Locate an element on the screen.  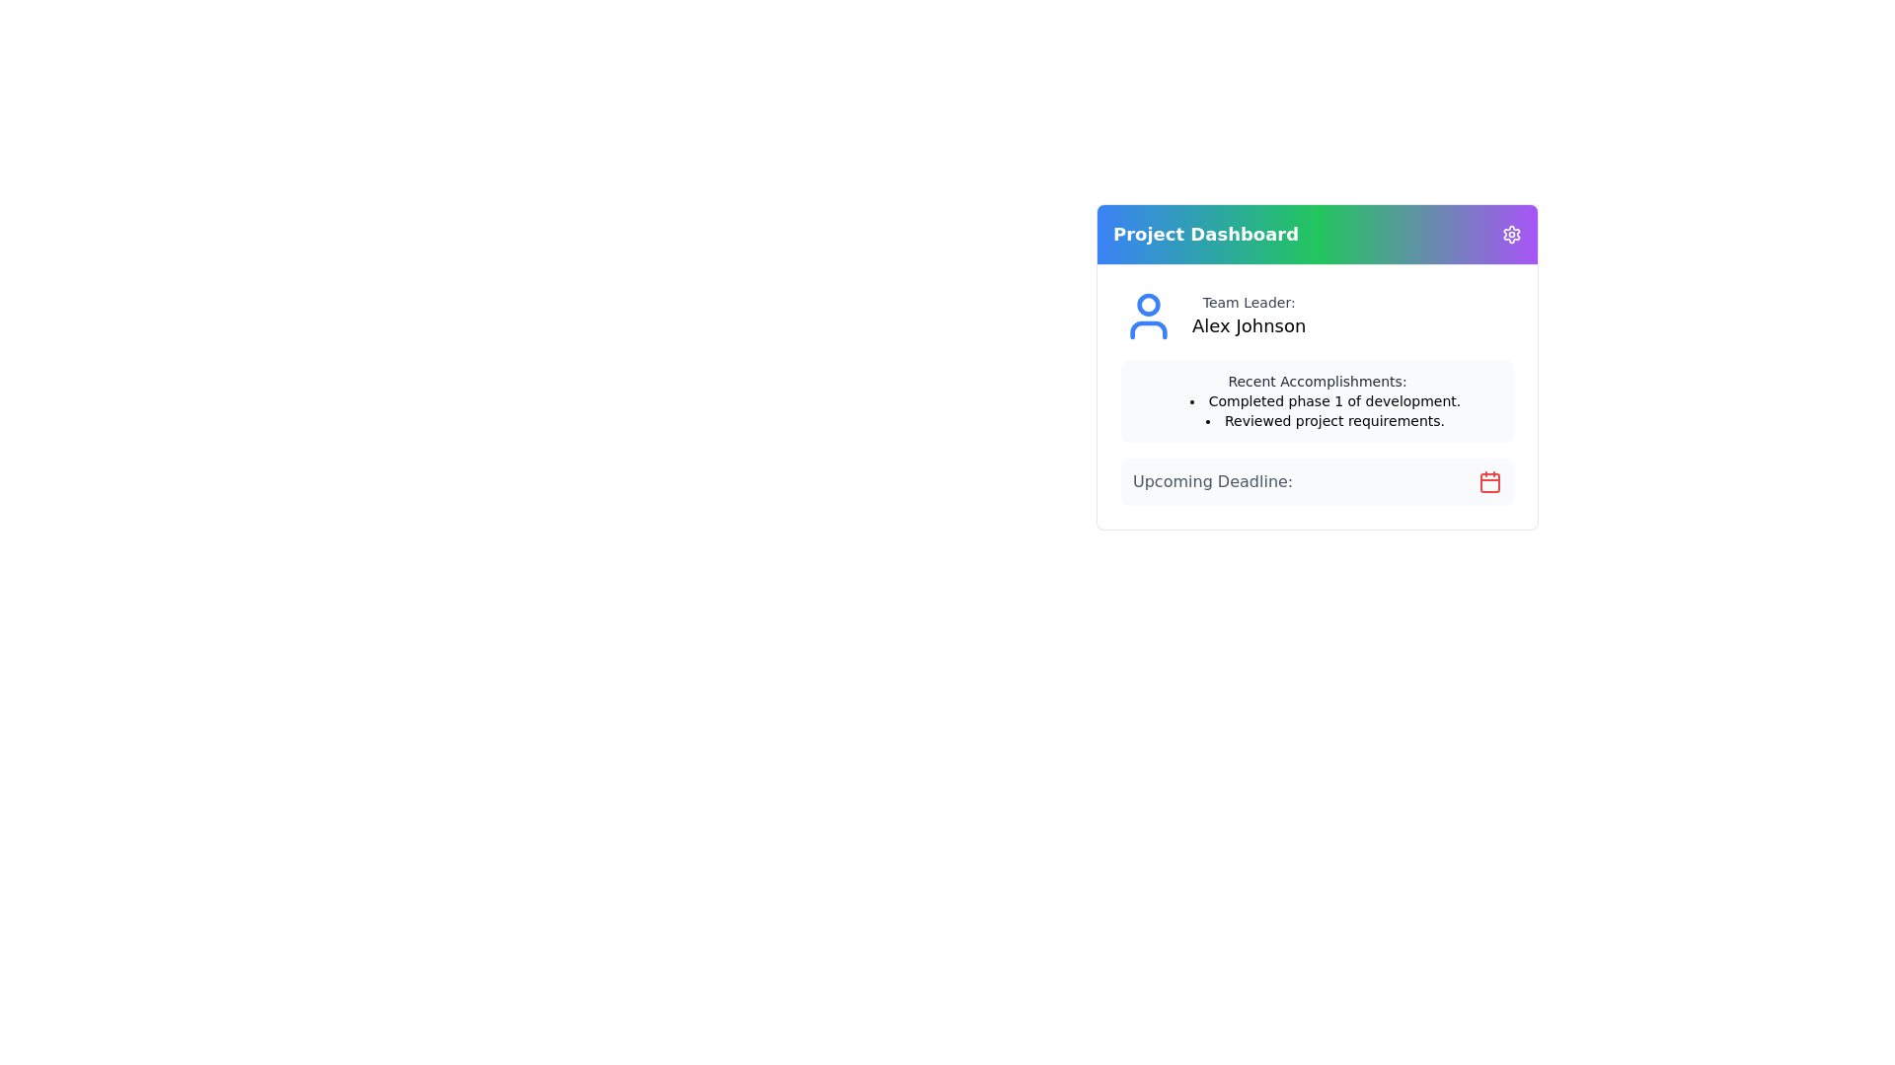
the red-bordered square within the calendar icon located at the bottom-right corner of the card for team leader Alex Johnson is located at coordinates (1490, 482).